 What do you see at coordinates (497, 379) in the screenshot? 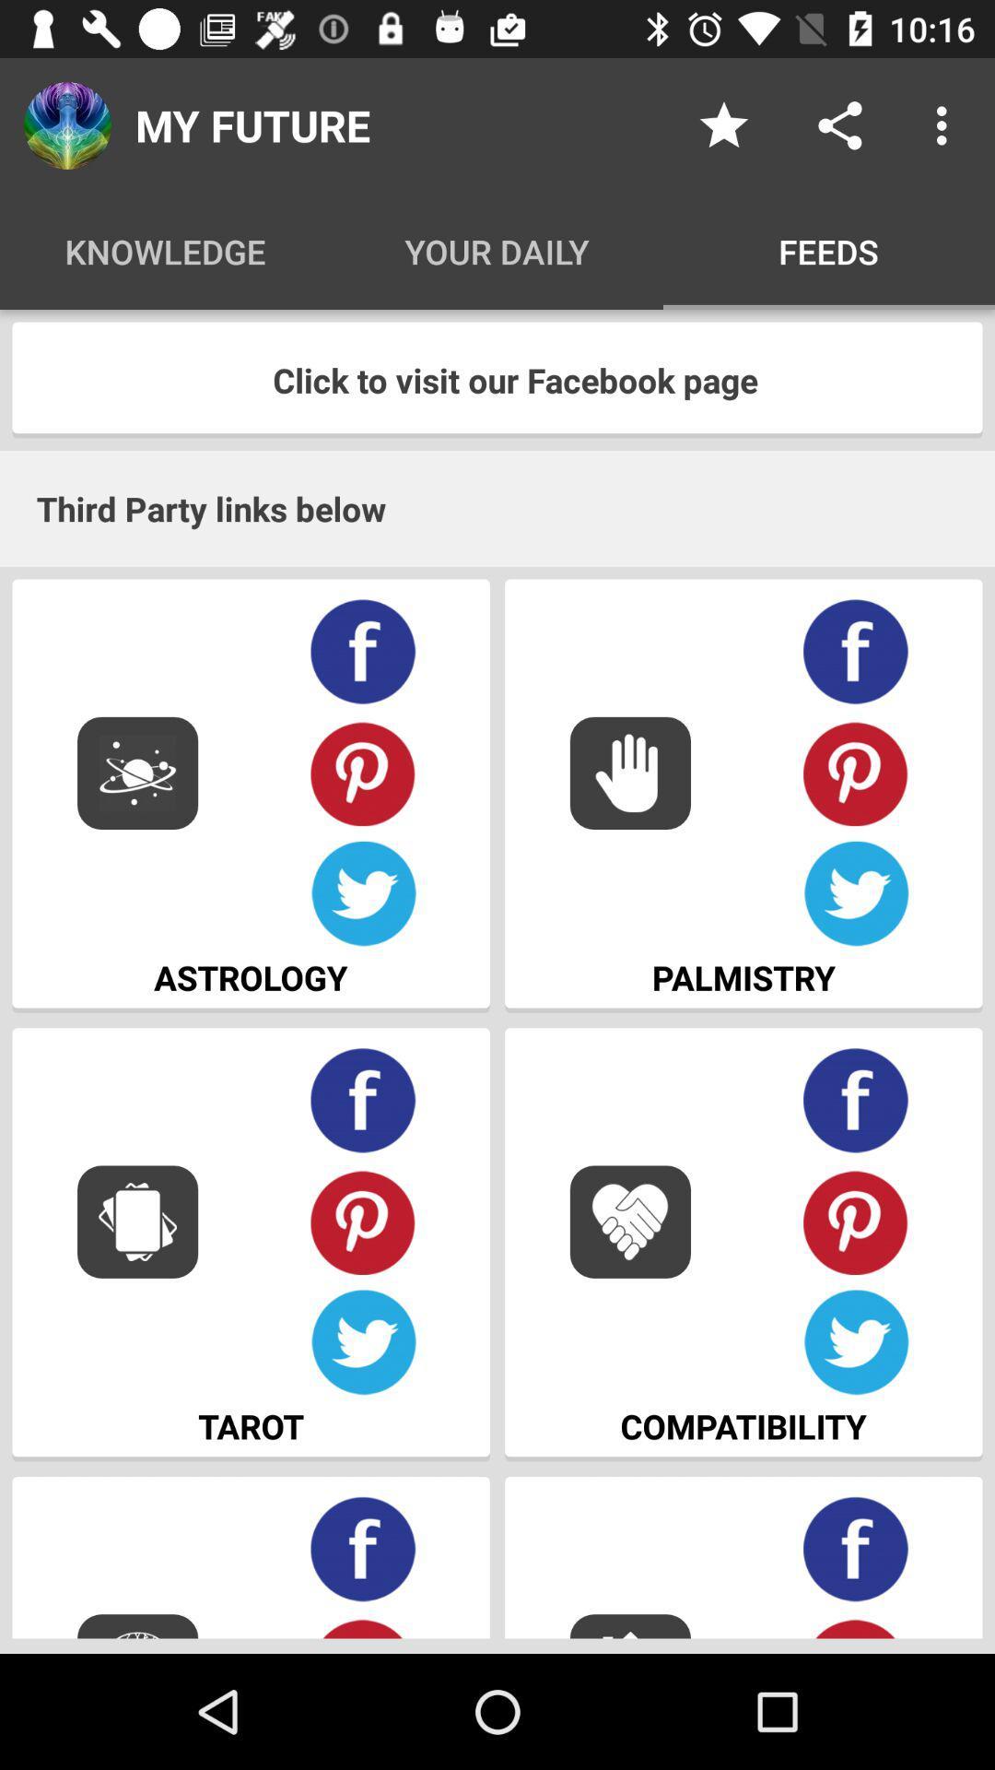
I see `the click to visit icon` at bounding box center [497, 379].